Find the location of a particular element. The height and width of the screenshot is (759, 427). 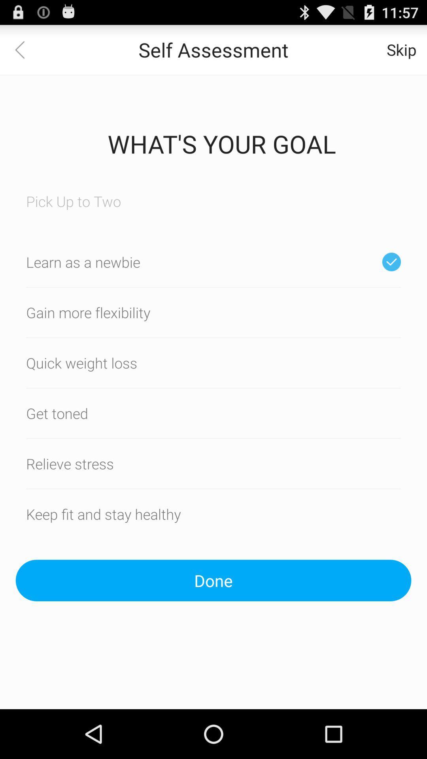

a option gain more flexibilty is located at coordinates (213, 312).